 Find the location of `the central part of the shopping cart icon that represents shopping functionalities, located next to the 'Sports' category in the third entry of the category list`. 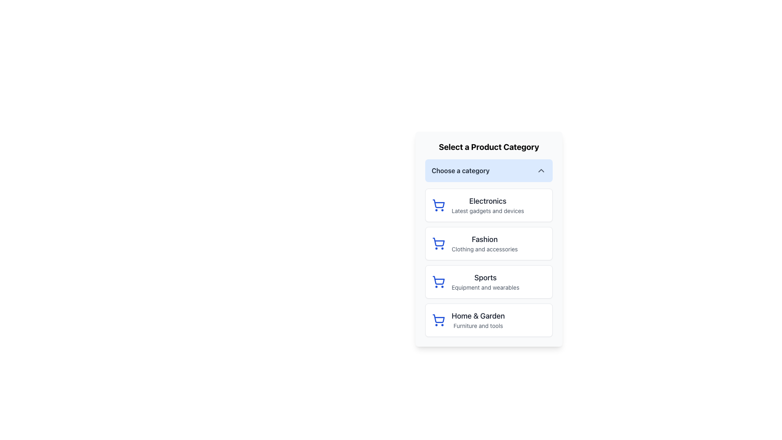

the central part of the shopping cart icon that represents shopping functionalities, located next to the 'Sports' category in the third entry of the category list is located at coordinates (438, 280).